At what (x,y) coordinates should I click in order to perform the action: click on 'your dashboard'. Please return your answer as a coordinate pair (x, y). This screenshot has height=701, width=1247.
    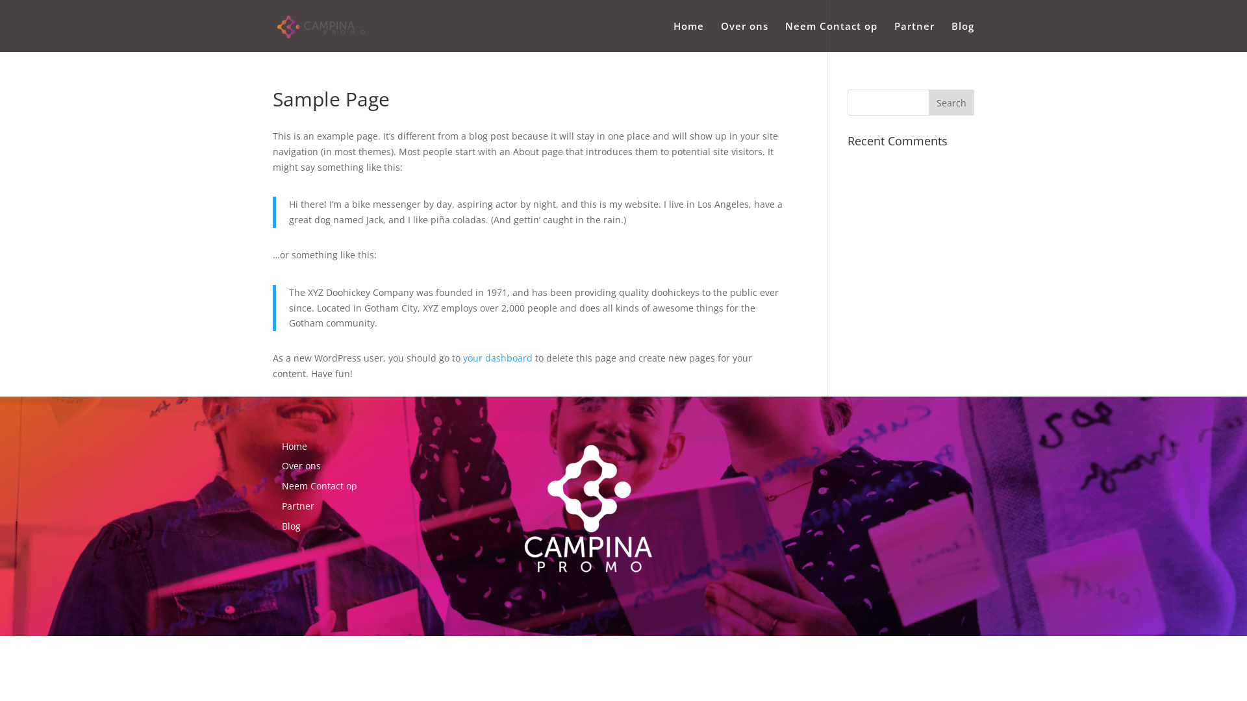
    Looking at the image, I should click on (497, 358).